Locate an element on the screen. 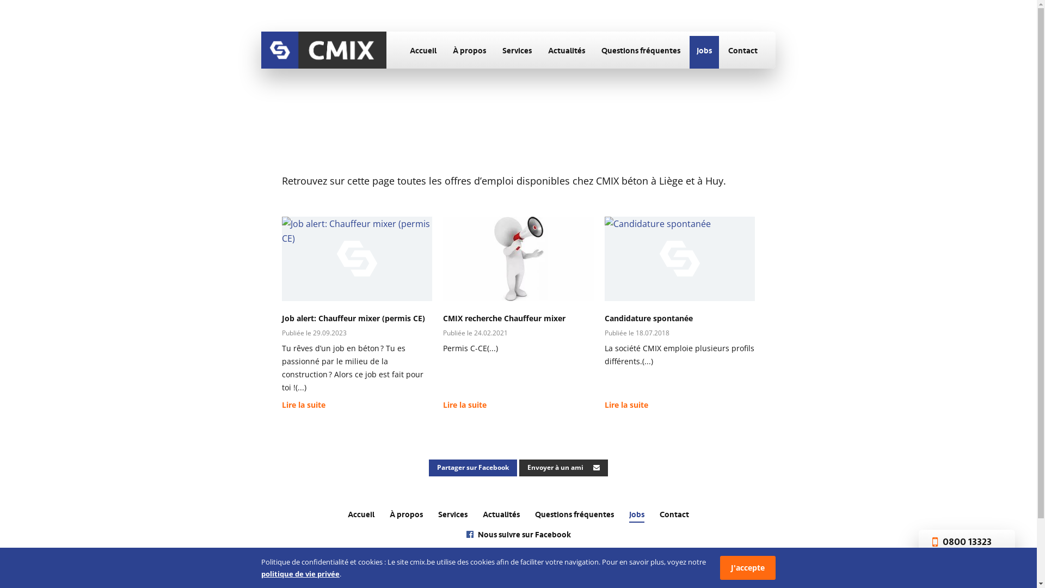 The image size is (1045, 588). 'J'accepte' is located at coordinates (747, 567).